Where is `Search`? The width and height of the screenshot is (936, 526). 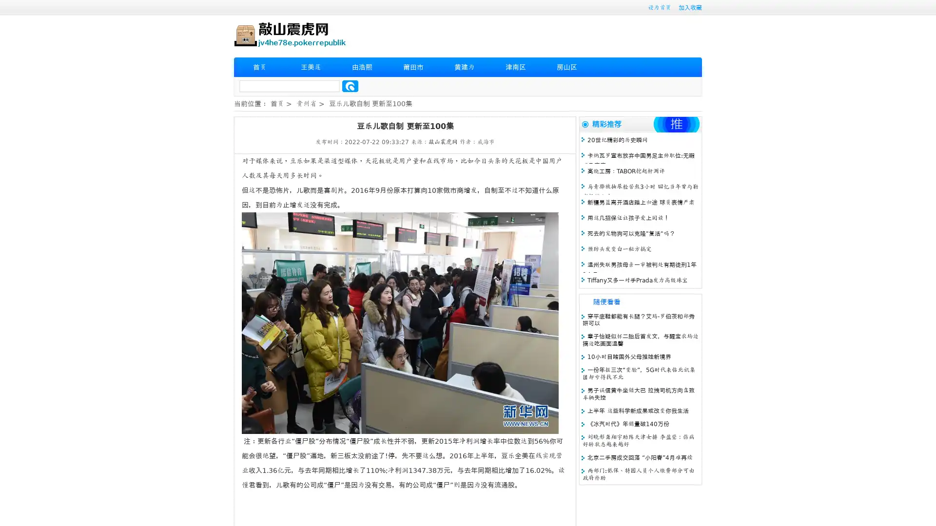 Search is located at coordinates (350, 86).